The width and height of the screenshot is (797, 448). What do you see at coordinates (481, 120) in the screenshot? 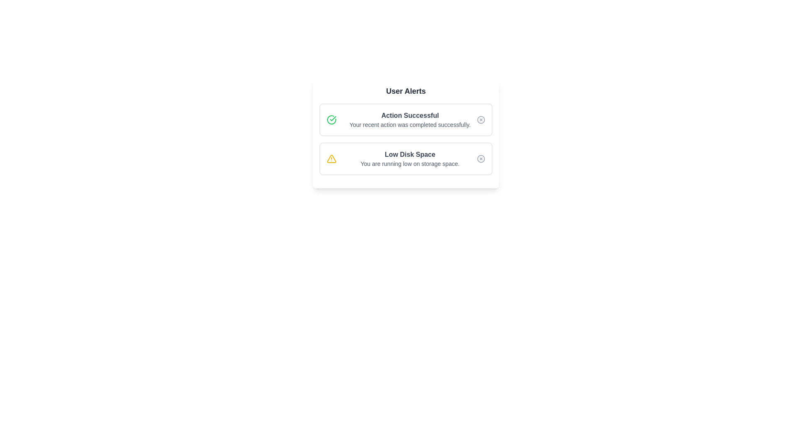
I see `the close button of the specified alert` at bounding box center [481, 120].